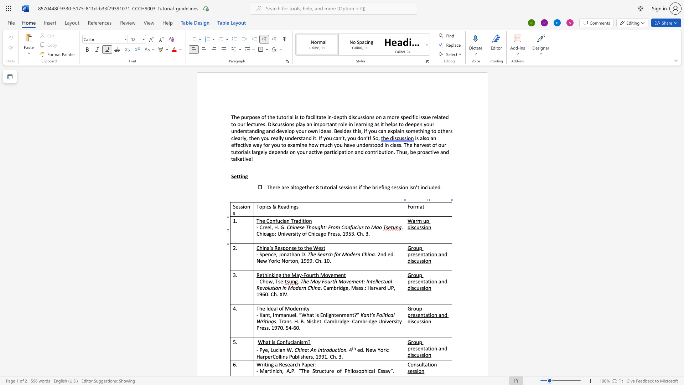  I want to click on the space between the continuous character "a" and "’" in the text, so click(269, 247).